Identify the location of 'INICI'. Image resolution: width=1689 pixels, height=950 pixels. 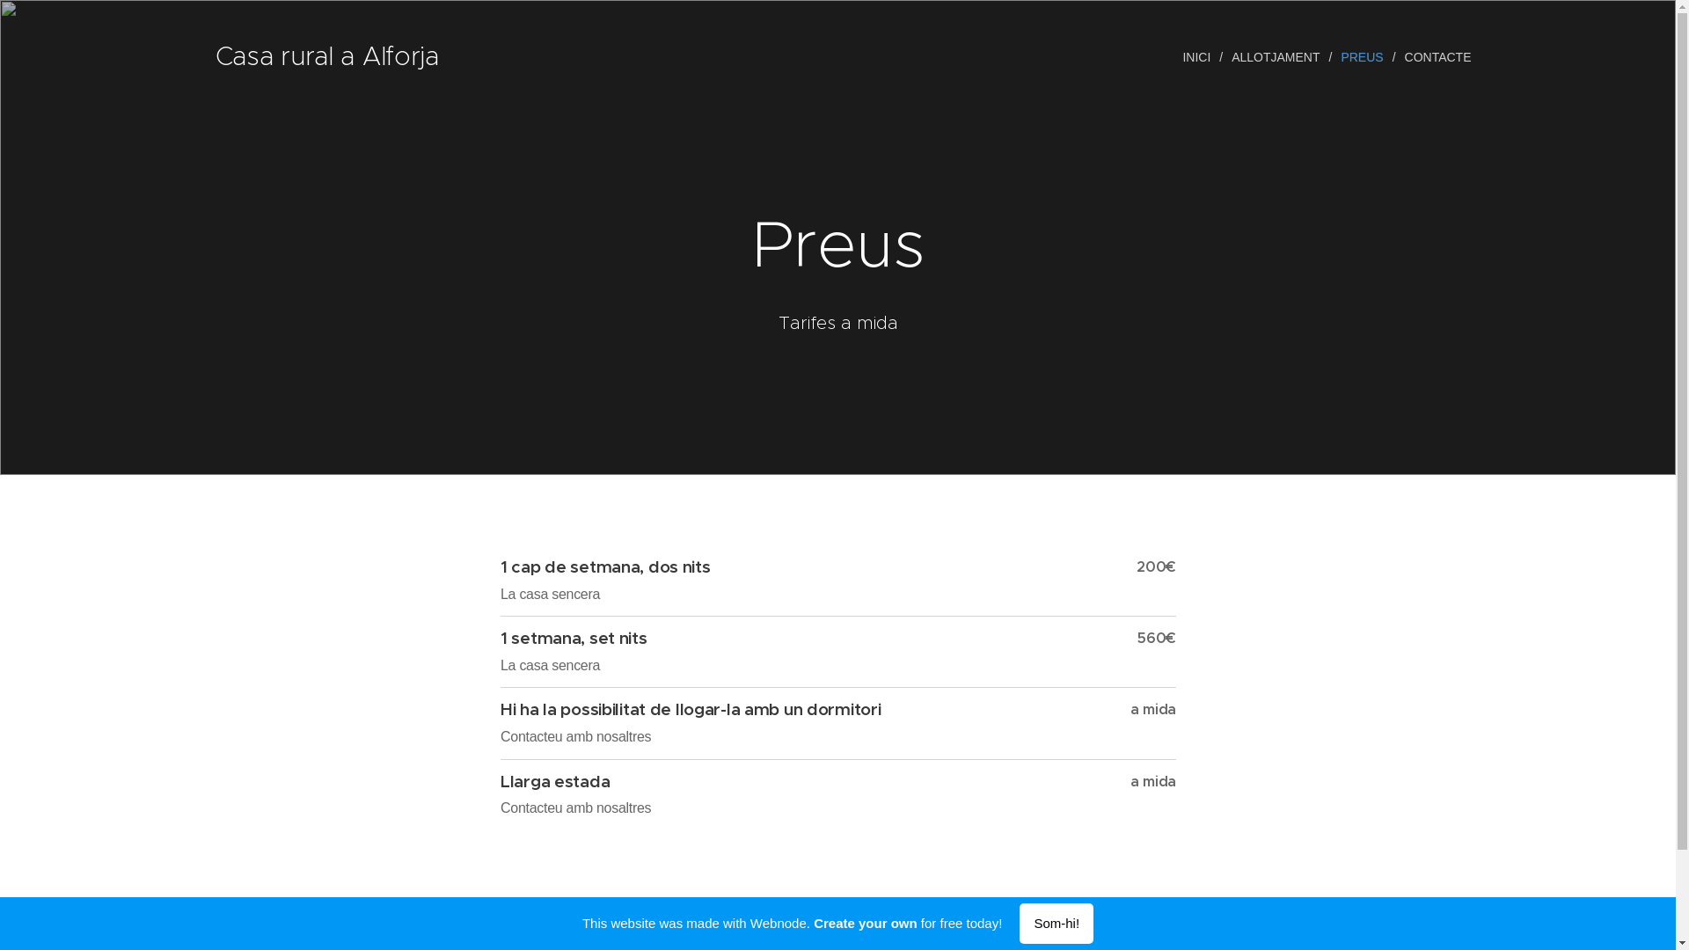
(1199, 56).